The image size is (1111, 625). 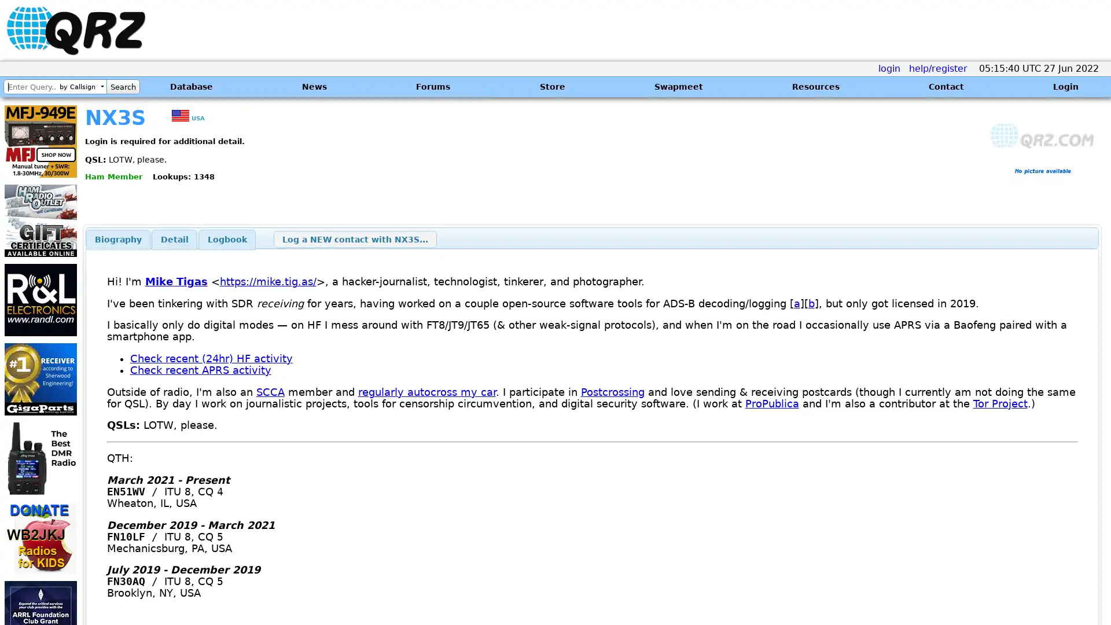 I want to click on Search, so click(x=123, y=86).